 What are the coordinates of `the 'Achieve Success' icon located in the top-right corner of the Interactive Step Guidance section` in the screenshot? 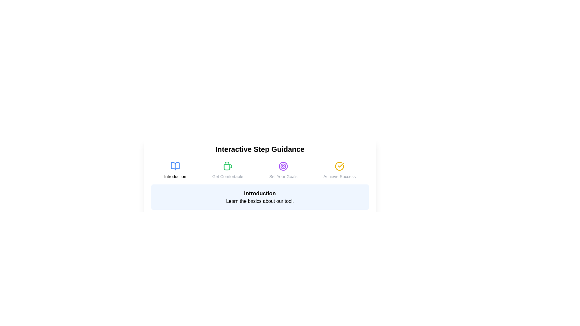 It's located at (340, 166).